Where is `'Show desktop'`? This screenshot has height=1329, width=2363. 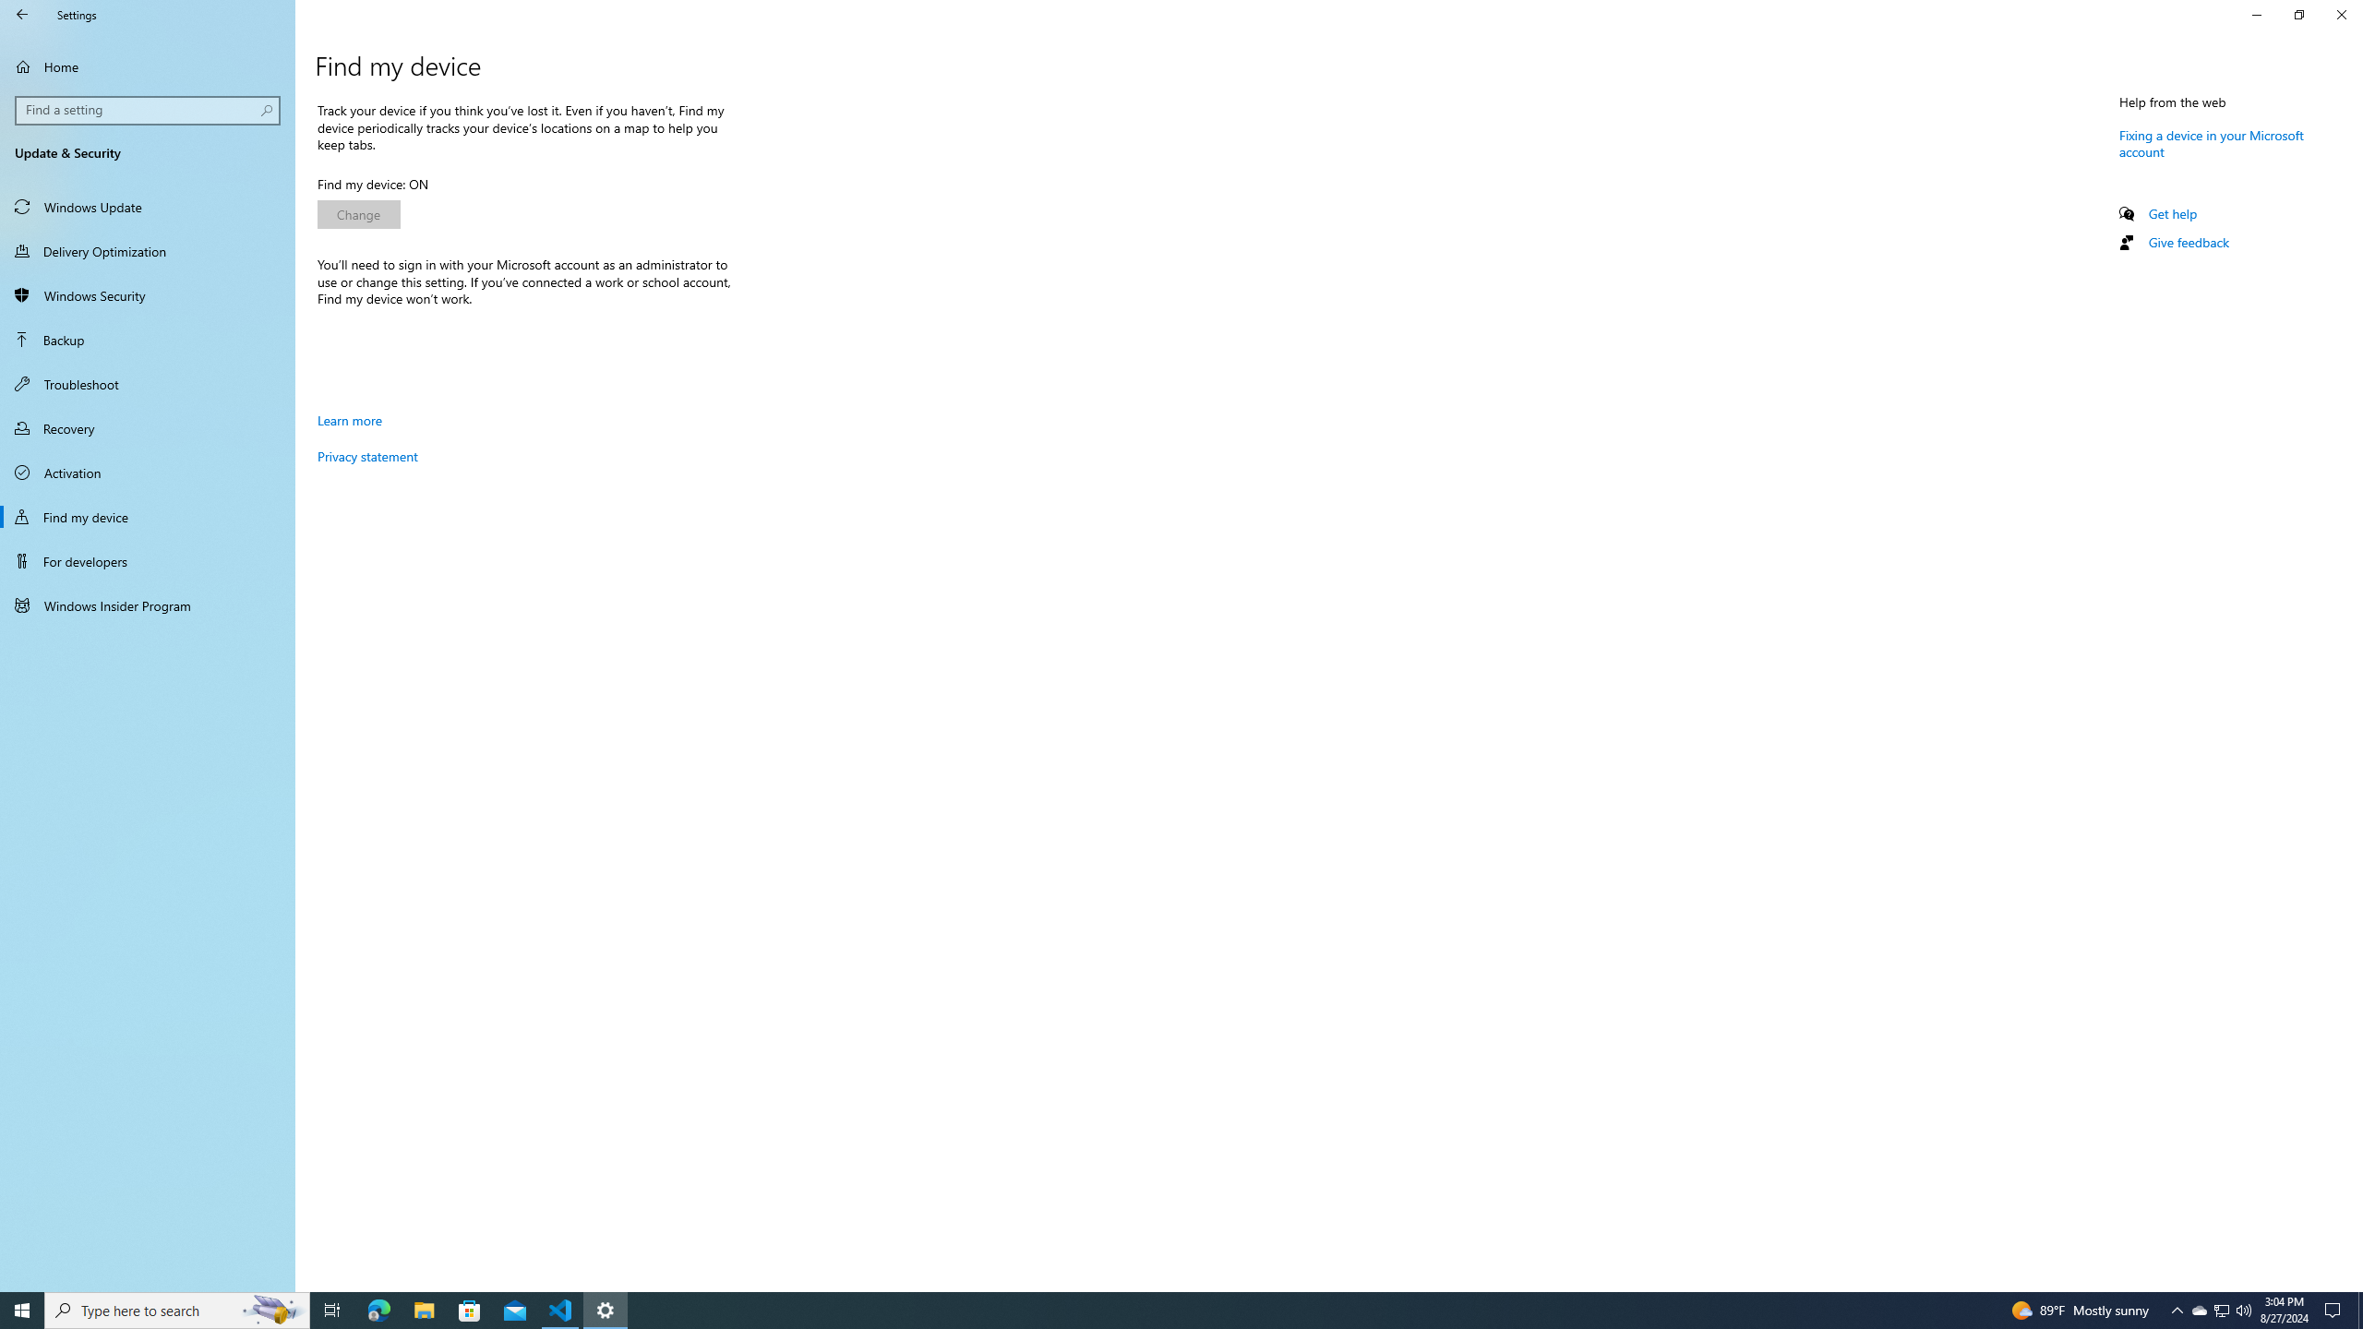 'Show desktop' is located at coordinates (2359, 1309).